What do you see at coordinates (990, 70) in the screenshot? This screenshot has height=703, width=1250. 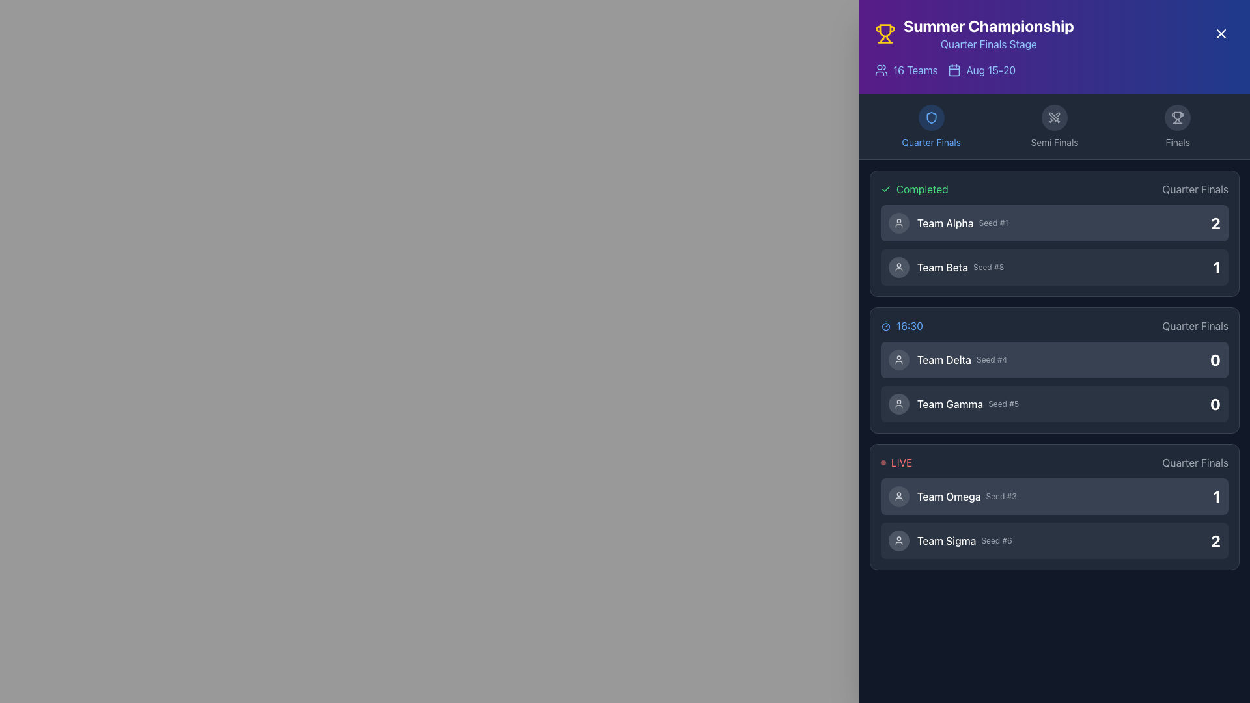 I see `the text label displaying 'Aug 15-20' in white, which is centered on a purple background and located in the header section labeled 'Summer Championship'` at bounding box center [990, 70].